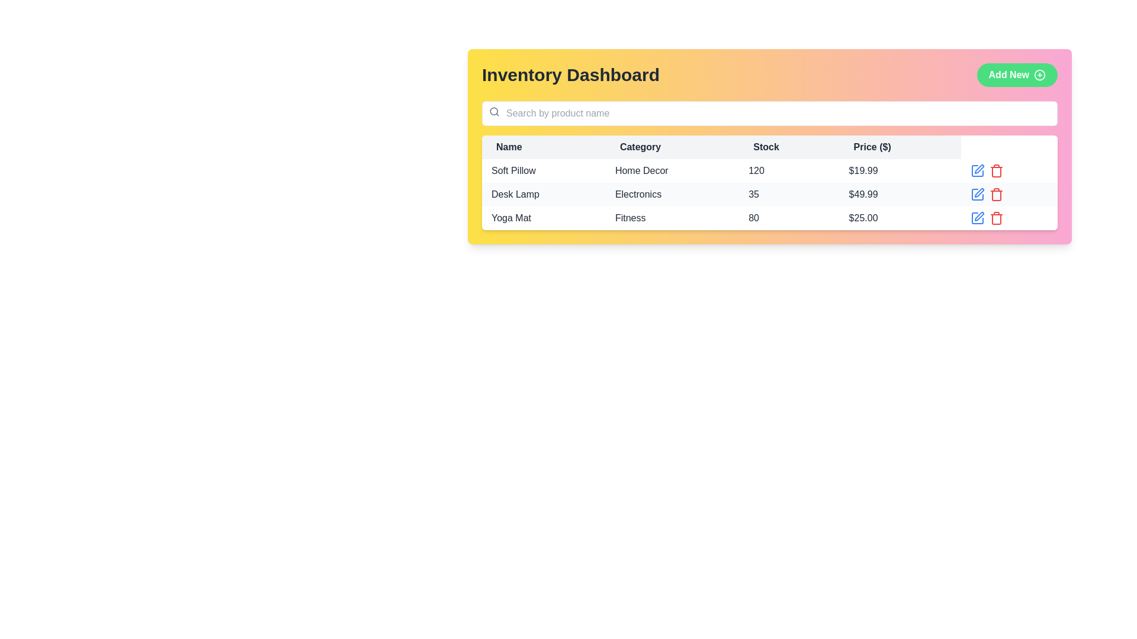  Describe the element at coordinates (979, 217) in the screenshot. I see `the edit icon, which is a small blue pen icon located in the last column of the third row of the visible table` at that location.